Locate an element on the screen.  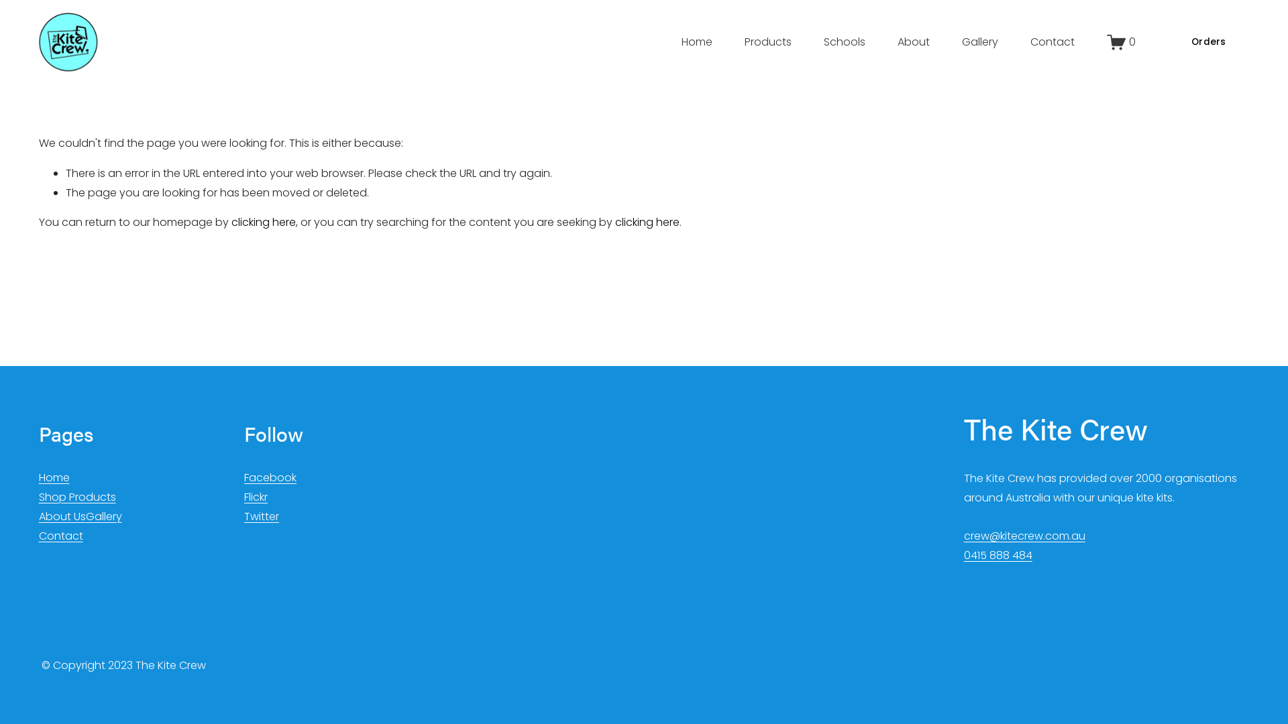
'0415 888 484' is located at coordinates (998, 556).